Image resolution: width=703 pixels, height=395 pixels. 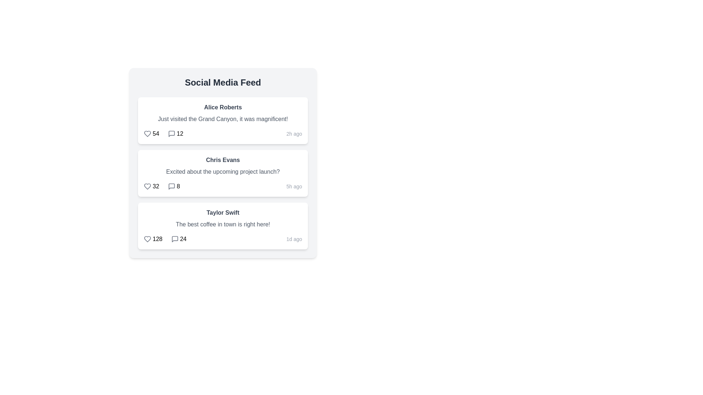 What do you see at coordinates (171, 134) in the screenshot?
I see `the comment icon for the post by Alice Roberts` at bounding box center [171, 134].